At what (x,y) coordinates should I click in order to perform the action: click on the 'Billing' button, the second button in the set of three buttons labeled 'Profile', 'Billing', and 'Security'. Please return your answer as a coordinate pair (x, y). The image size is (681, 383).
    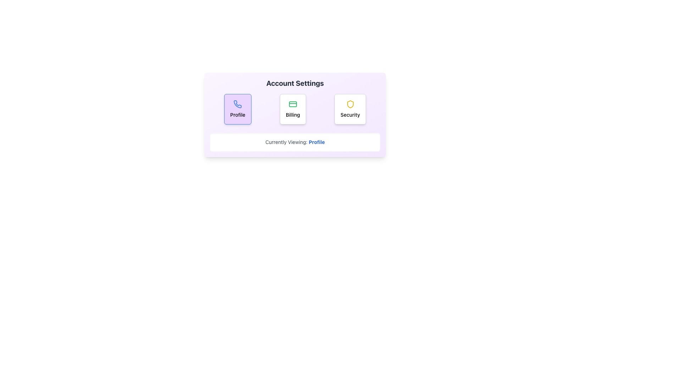
    Looking at the image, I should click on (295, 109).